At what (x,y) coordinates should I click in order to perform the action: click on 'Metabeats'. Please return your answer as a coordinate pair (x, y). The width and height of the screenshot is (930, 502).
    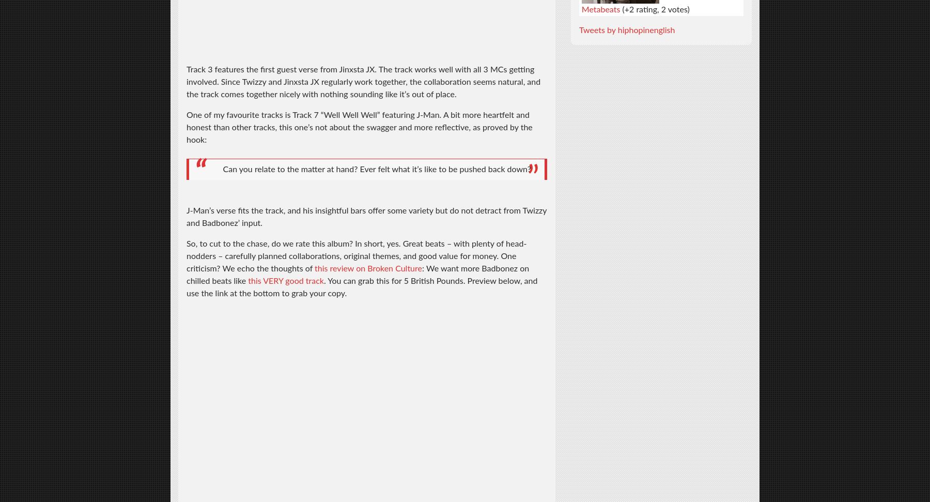
    Looking at the image, I should click on (600, 9).